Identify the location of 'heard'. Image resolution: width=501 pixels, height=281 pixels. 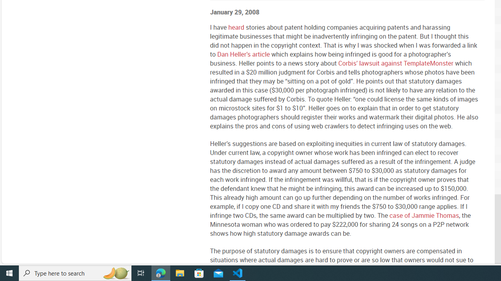
(236, 27).